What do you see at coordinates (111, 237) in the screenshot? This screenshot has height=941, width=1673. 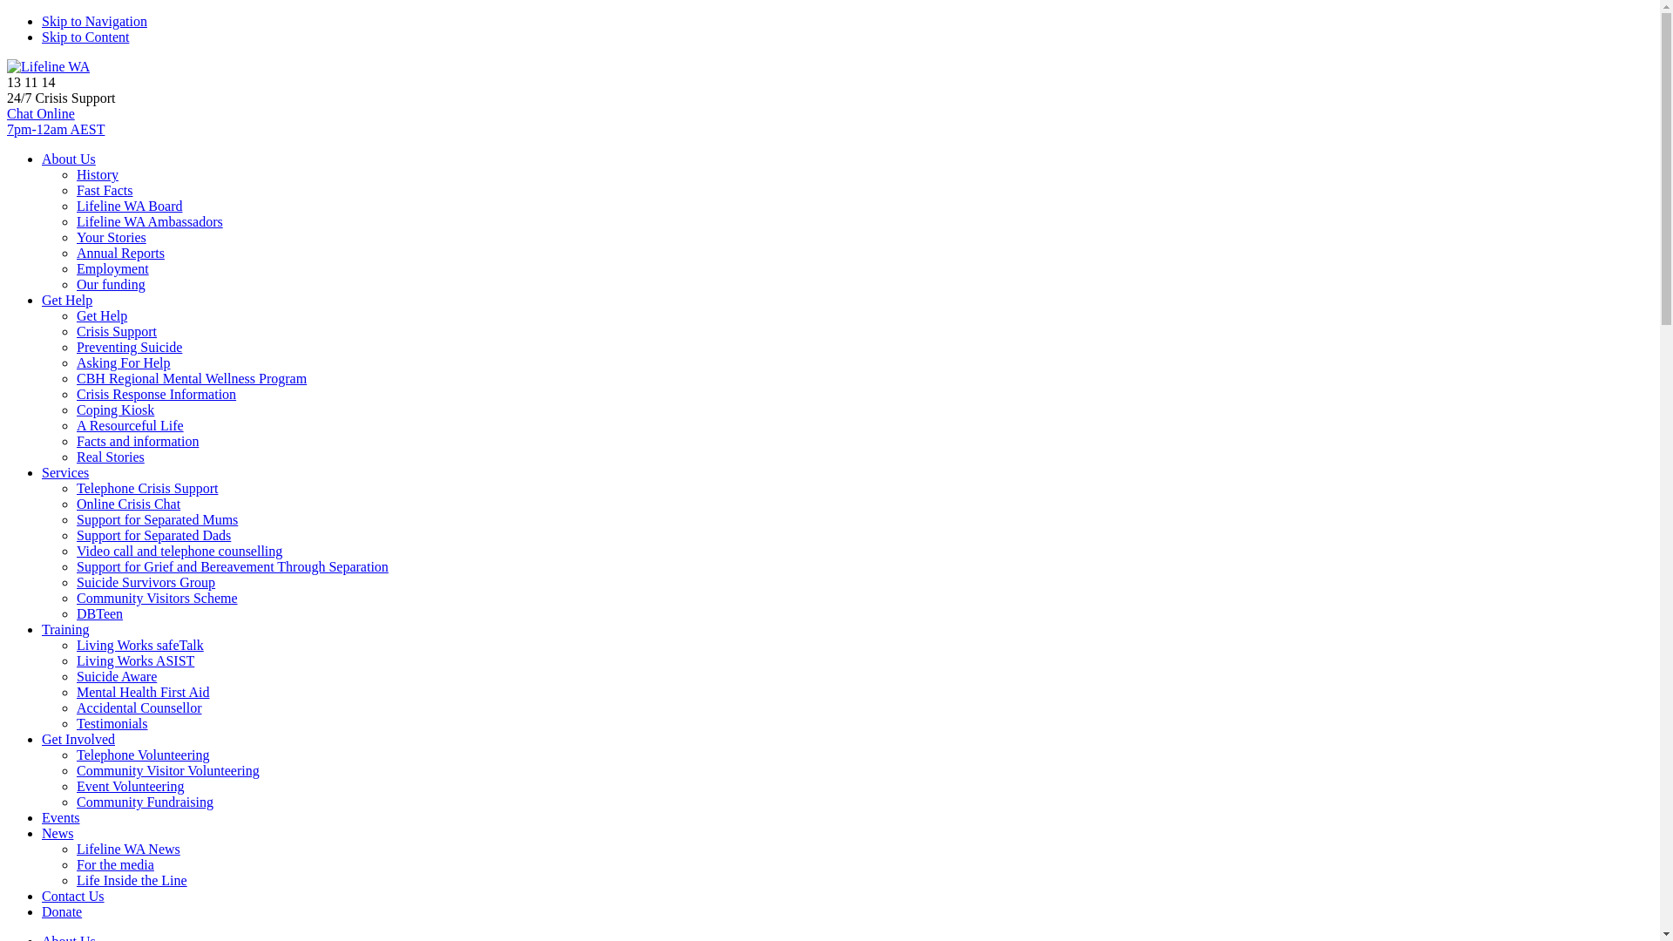 I see `'Your Stories'` at bounding box center [111, 237].